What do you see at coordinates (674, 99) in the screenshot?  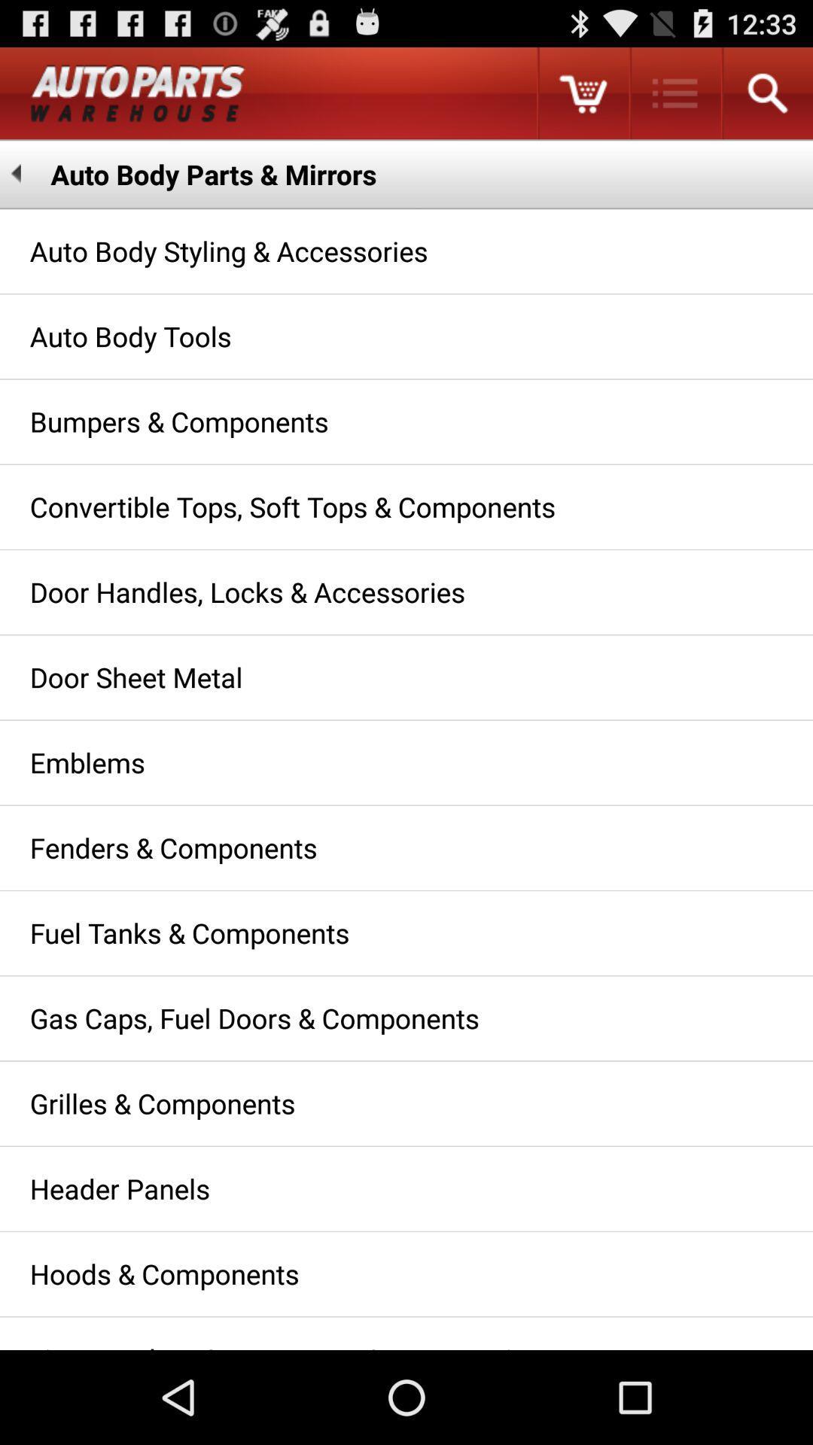 I see `the list icon` at bounding box center [674, 99].